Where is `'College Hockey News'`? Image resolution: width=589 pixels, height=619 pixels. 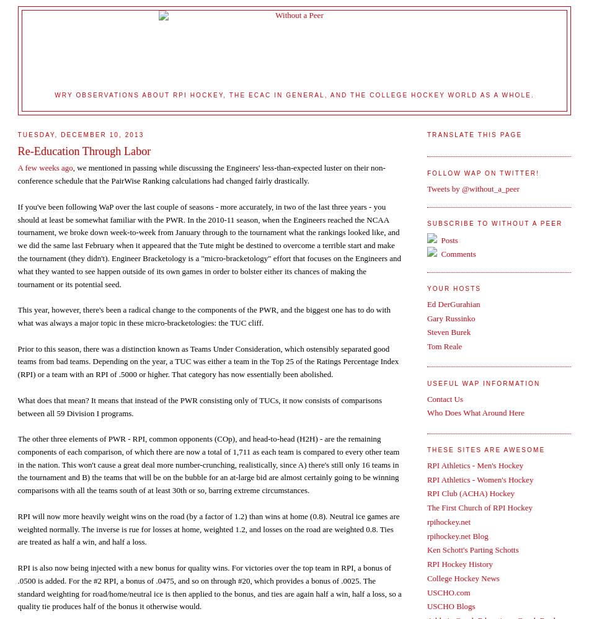 'College Hockey News' is located at coordinates (426, 577).